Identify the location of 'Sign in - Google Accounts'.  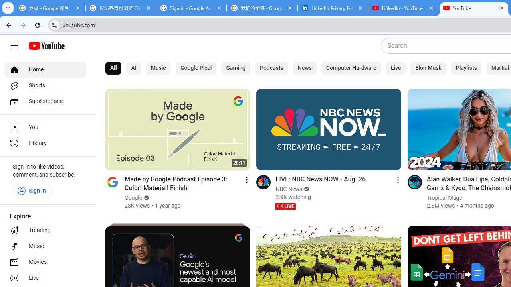
(191, 8).